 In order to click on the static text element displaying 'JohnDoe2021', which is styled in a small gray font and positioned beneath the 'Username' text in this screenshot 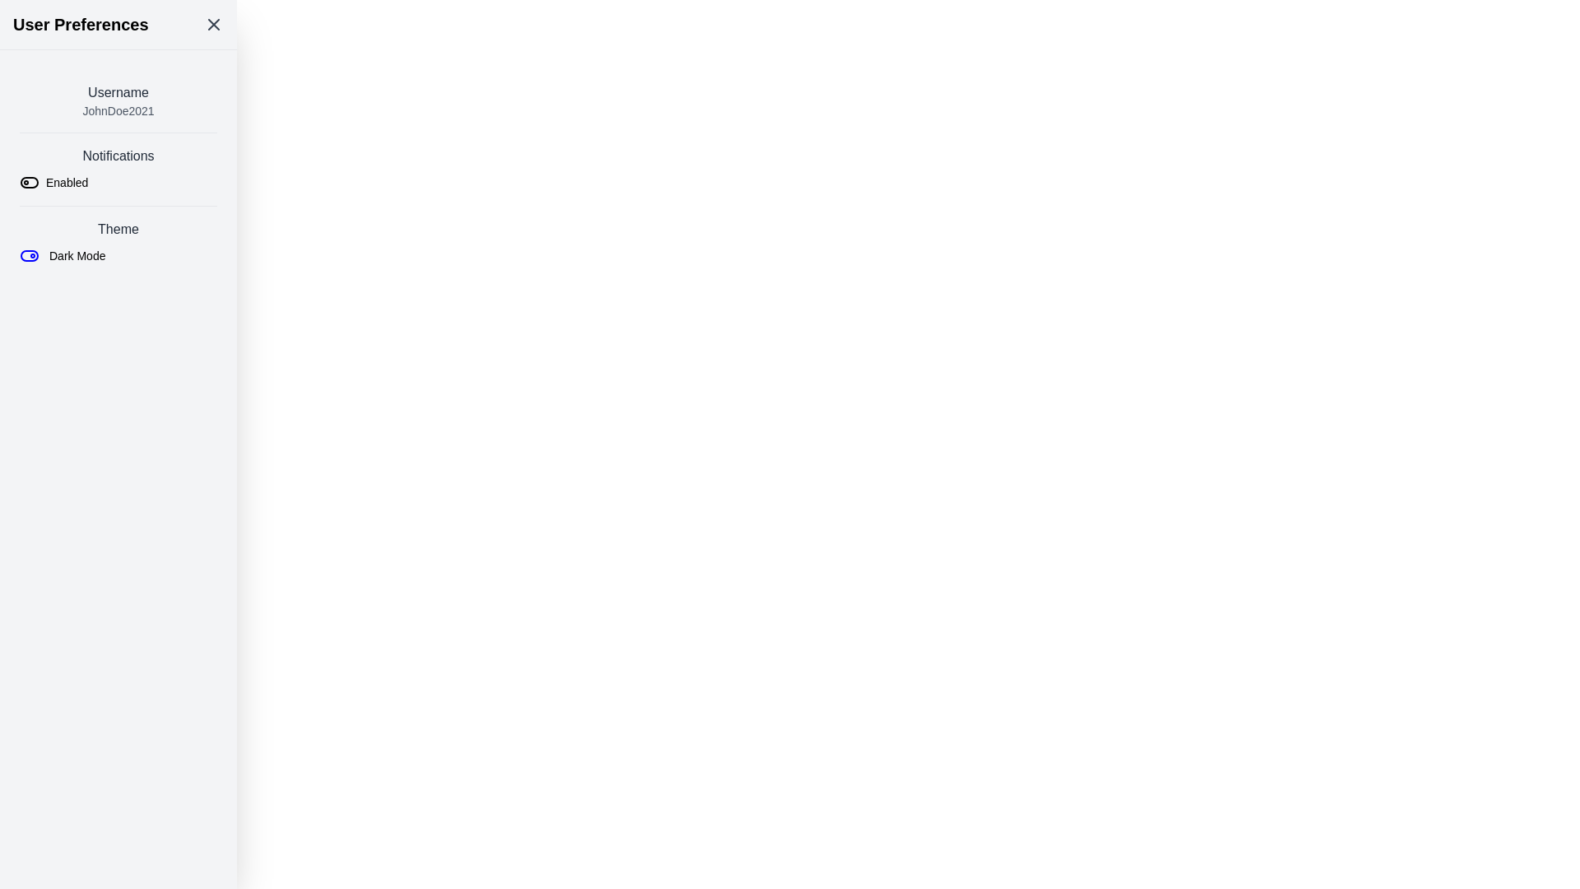, I will do `click(118, 111)`.